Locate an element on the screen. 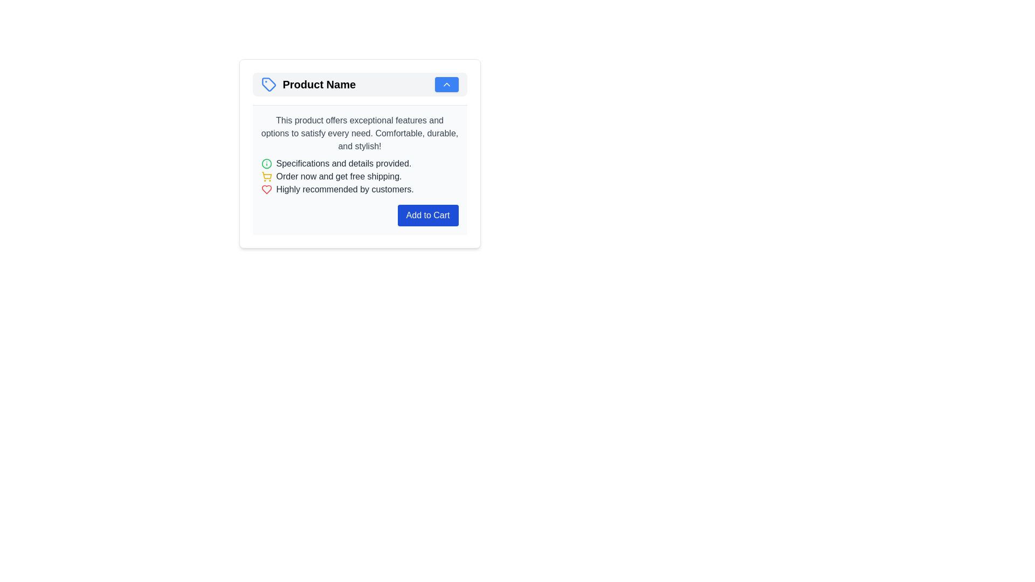  the text statement 'Highly recommended by customers.' with a red heart icon, which is positioned at the bottom of the recommendations list is located at coordinates (360, 189).